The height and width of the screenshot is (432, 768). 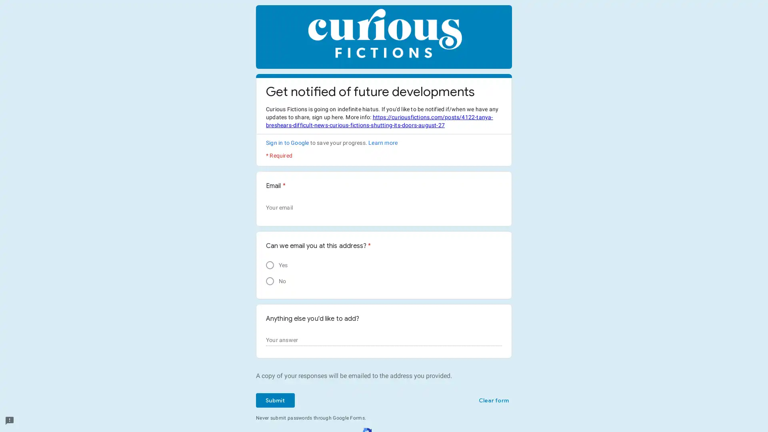 I want to click on Learn more, so click(x=382, y=142).